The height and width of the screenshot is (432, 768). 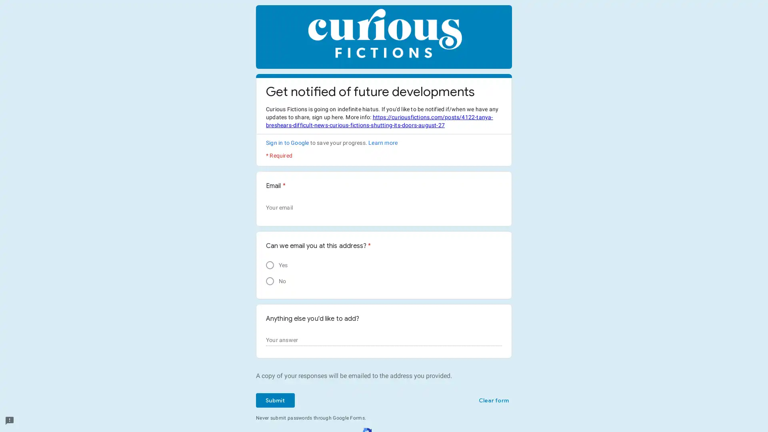 I want to click on Learn more, so click(x=382, y=142).